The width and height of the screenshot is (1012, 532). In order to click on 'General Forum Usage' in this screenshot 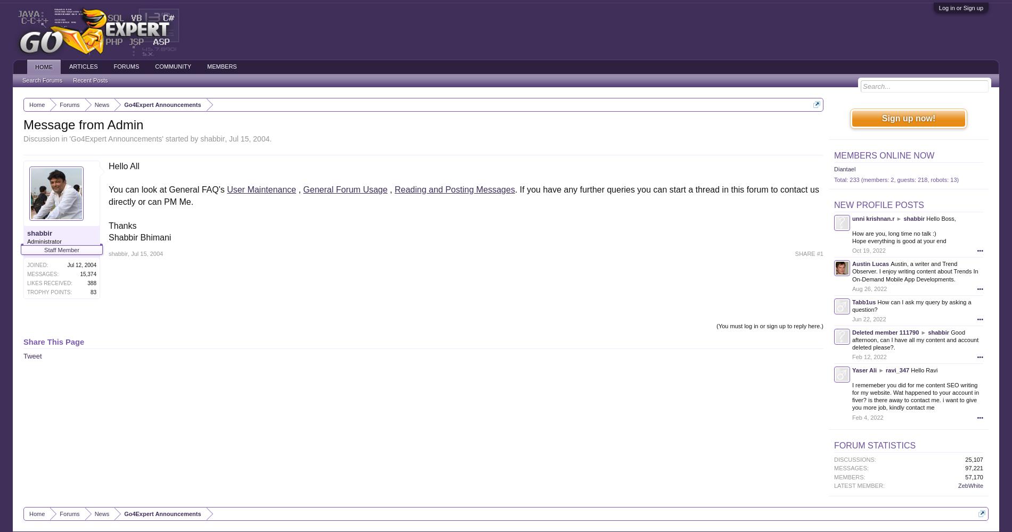, I will do `click(303, 189)`.